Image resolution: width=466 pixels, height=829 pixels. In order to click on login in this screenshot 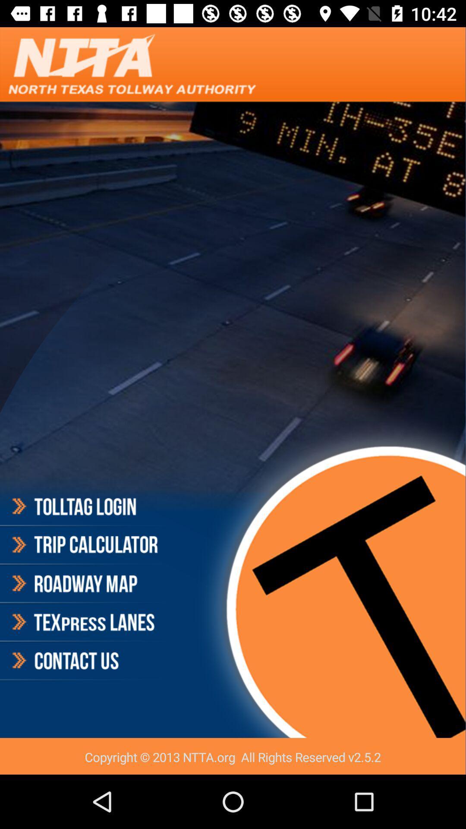, I will do `click(84, 508)`.